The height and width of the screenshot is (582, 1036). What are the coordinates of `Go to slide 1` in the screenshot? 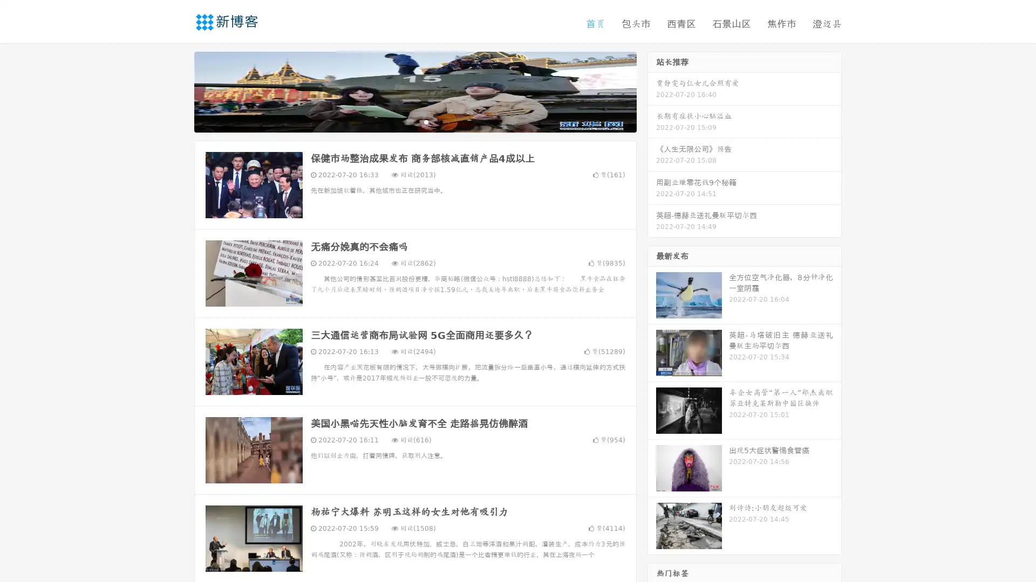 It's located at (404, 121).